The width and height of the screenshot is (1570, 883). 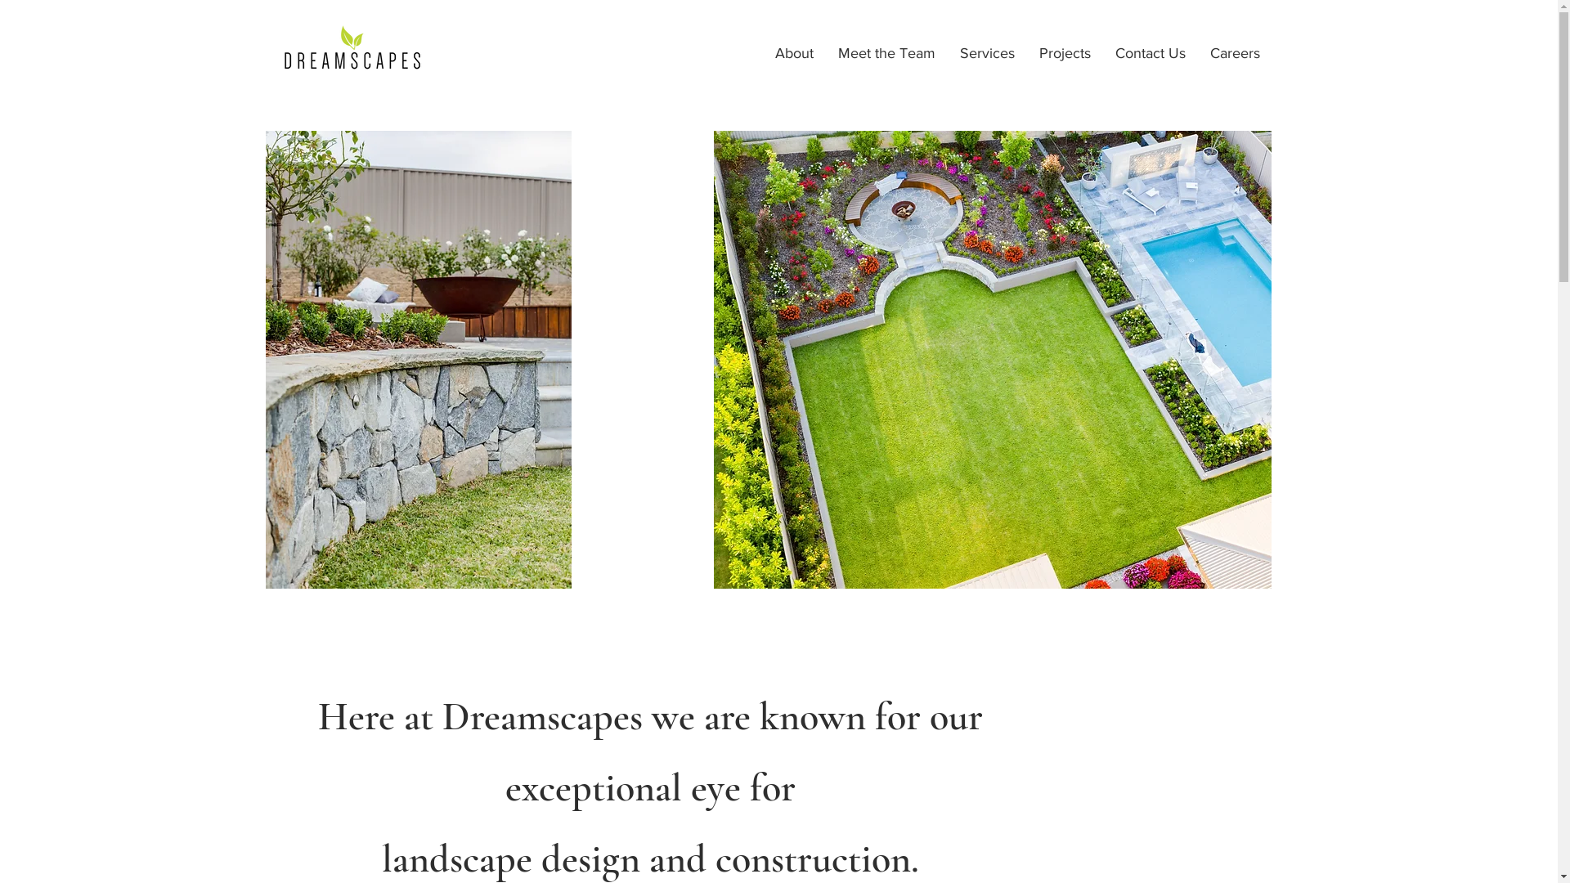 I want to click on 'About', so click(x=793, y=52).